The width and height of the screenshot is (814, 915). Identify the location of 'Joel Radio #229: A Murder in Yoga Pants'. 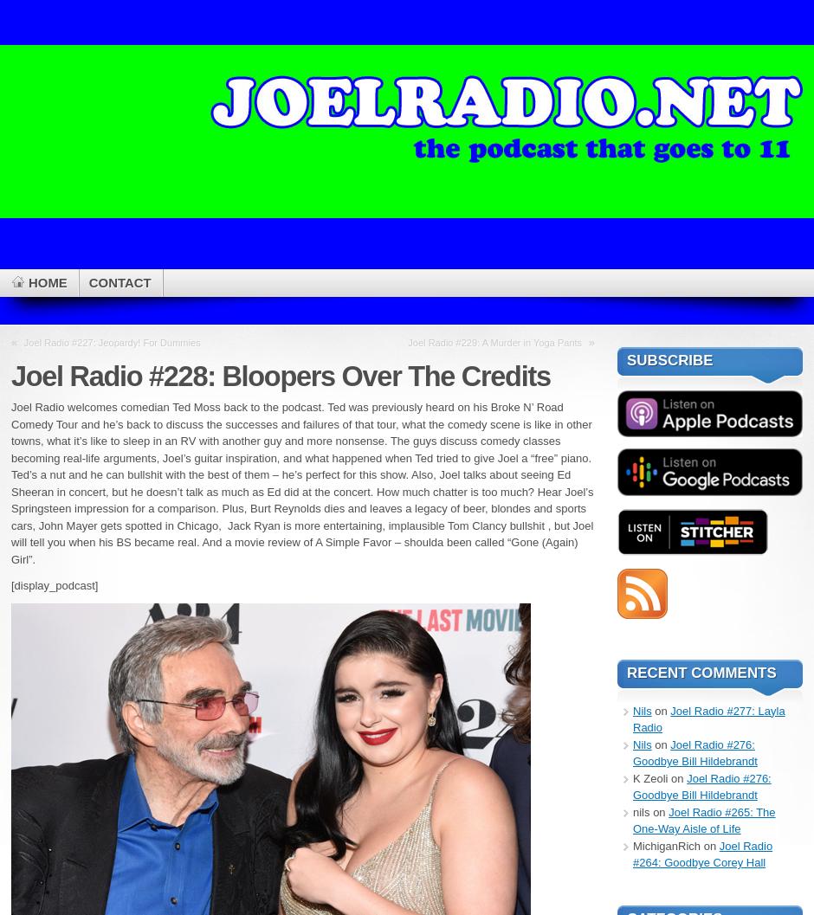
(494, 341).